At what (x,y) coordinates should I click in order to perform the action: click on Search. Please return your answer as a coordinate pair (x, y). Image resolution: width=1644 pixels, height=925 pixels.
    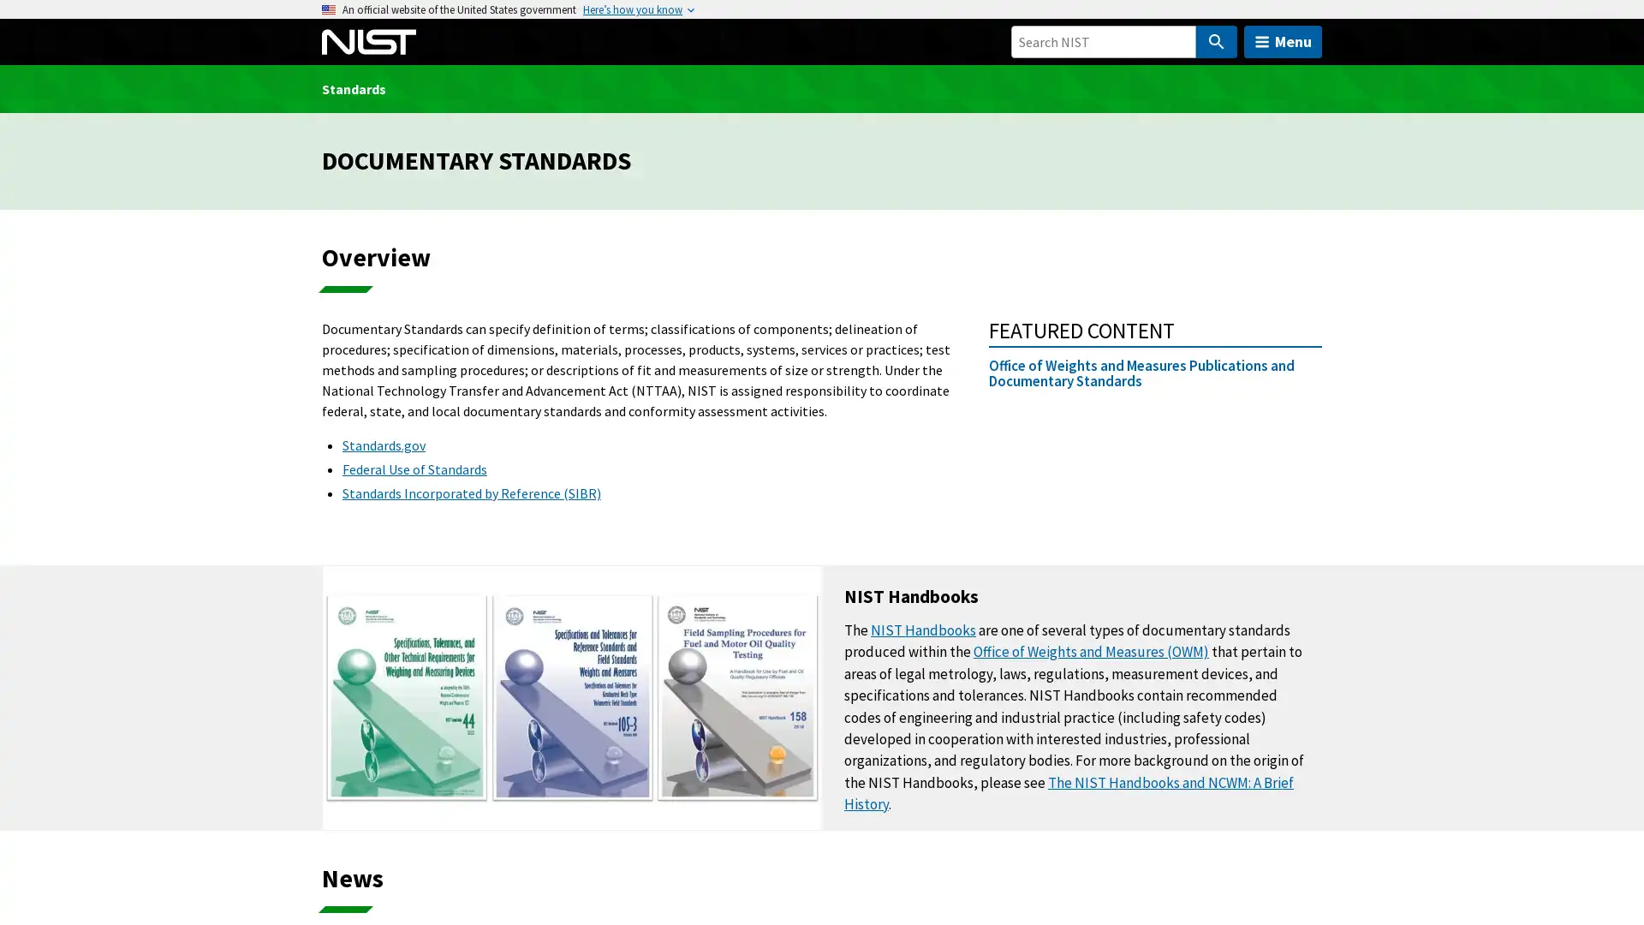
    Looking at the image, I should click on (1215, 41).